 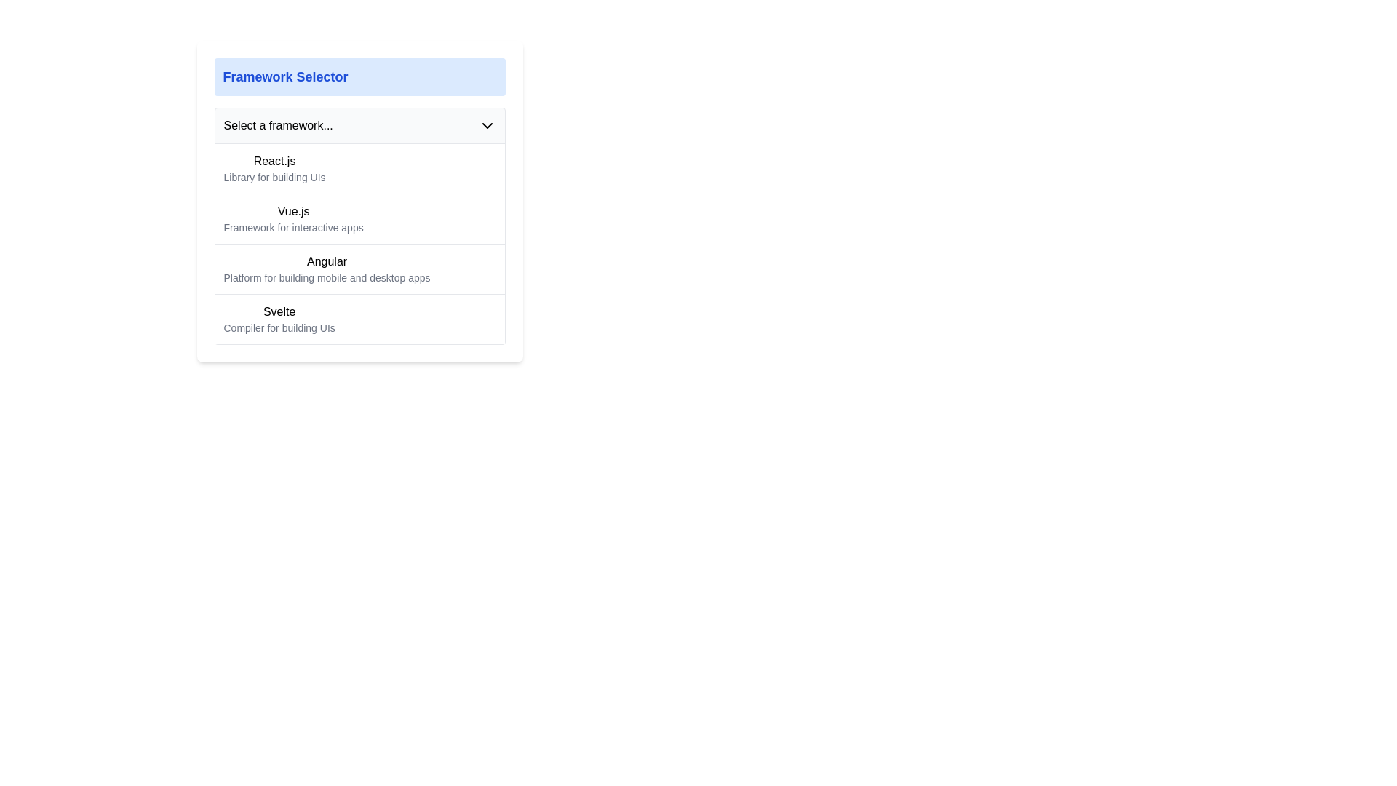 I want to click on the 'React.js' text label located at the top-left corner of the dropdown menu, so click(x=274, y=162).